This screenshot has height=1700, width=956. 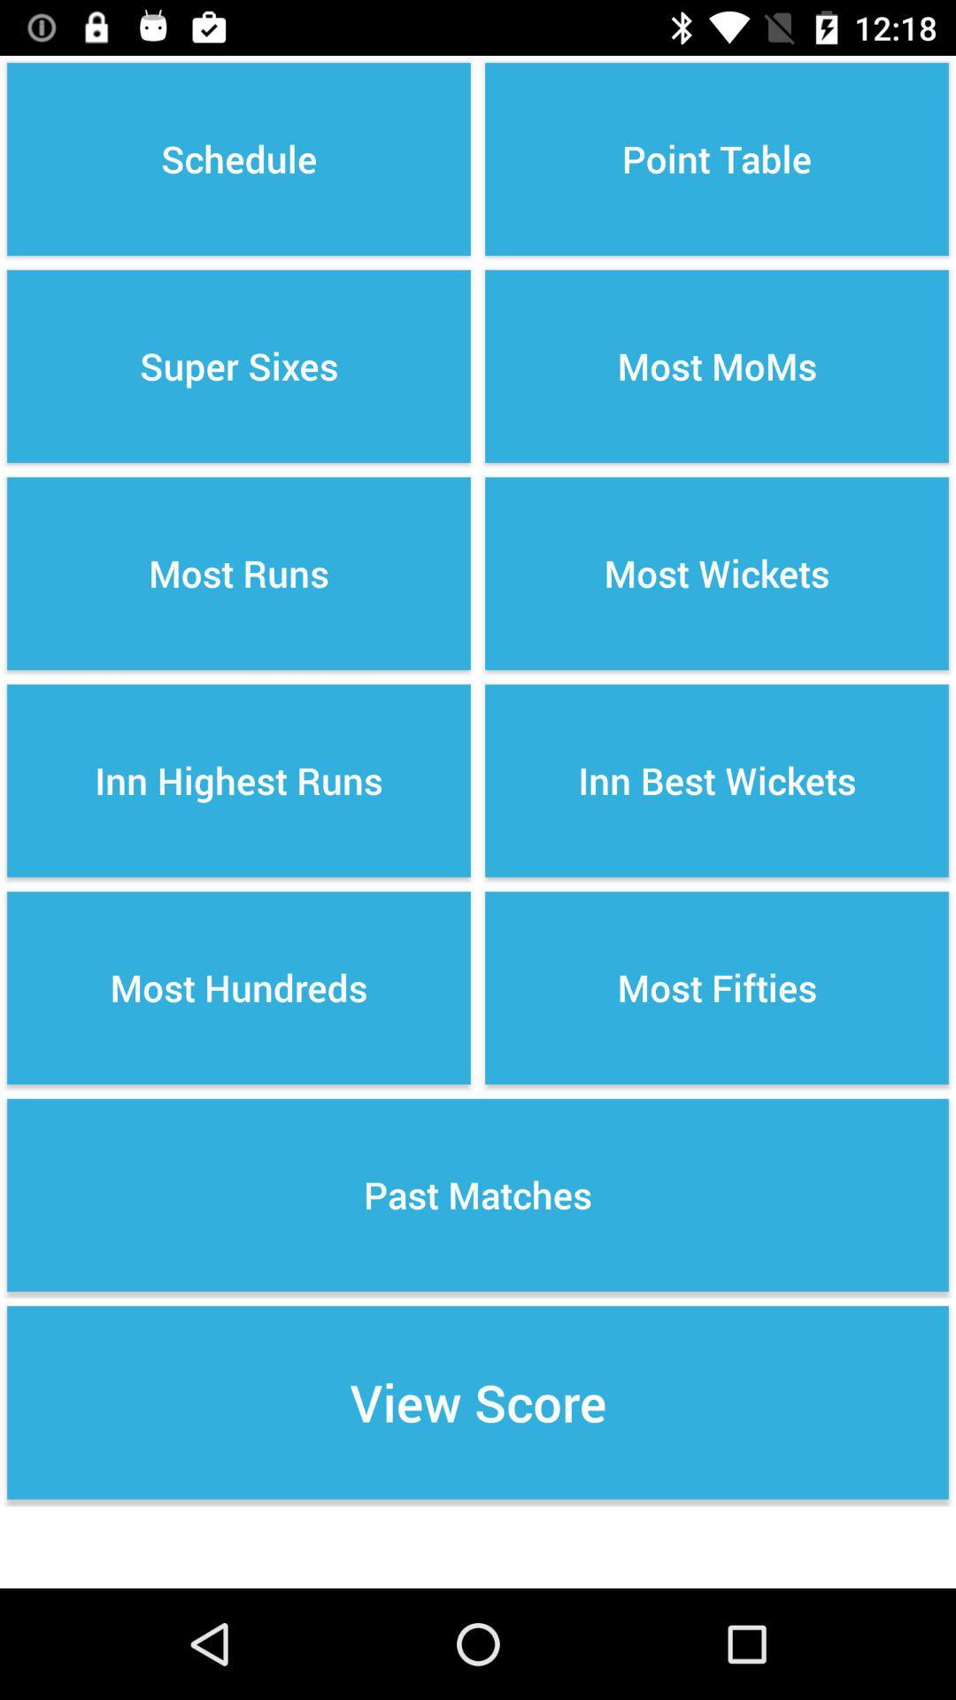 What do you see at coordinates (239, 365) in the screenshot?
I see `the item next to the point table` at bounding box center [239, 365].